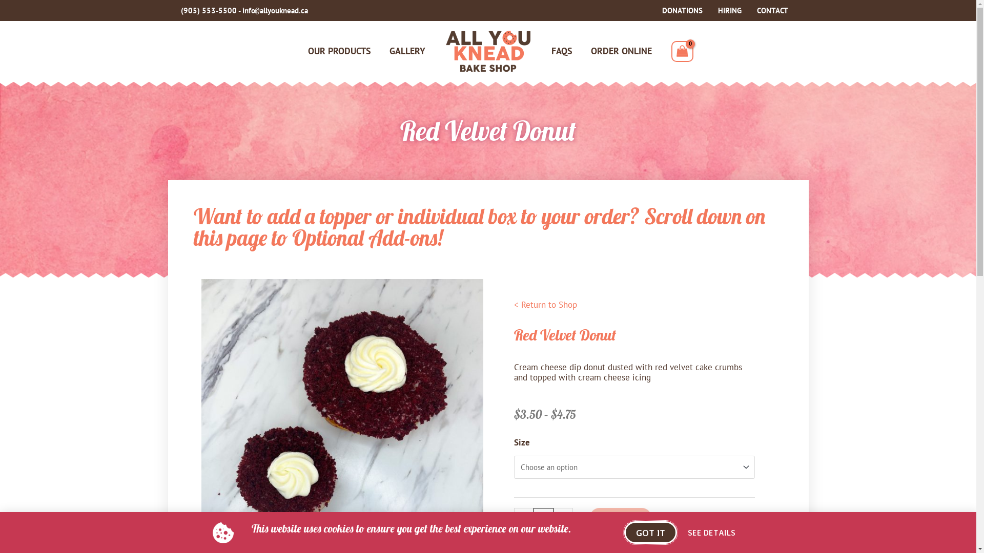  I want to click on 'ORDER ONLINE', so click(620, 51).